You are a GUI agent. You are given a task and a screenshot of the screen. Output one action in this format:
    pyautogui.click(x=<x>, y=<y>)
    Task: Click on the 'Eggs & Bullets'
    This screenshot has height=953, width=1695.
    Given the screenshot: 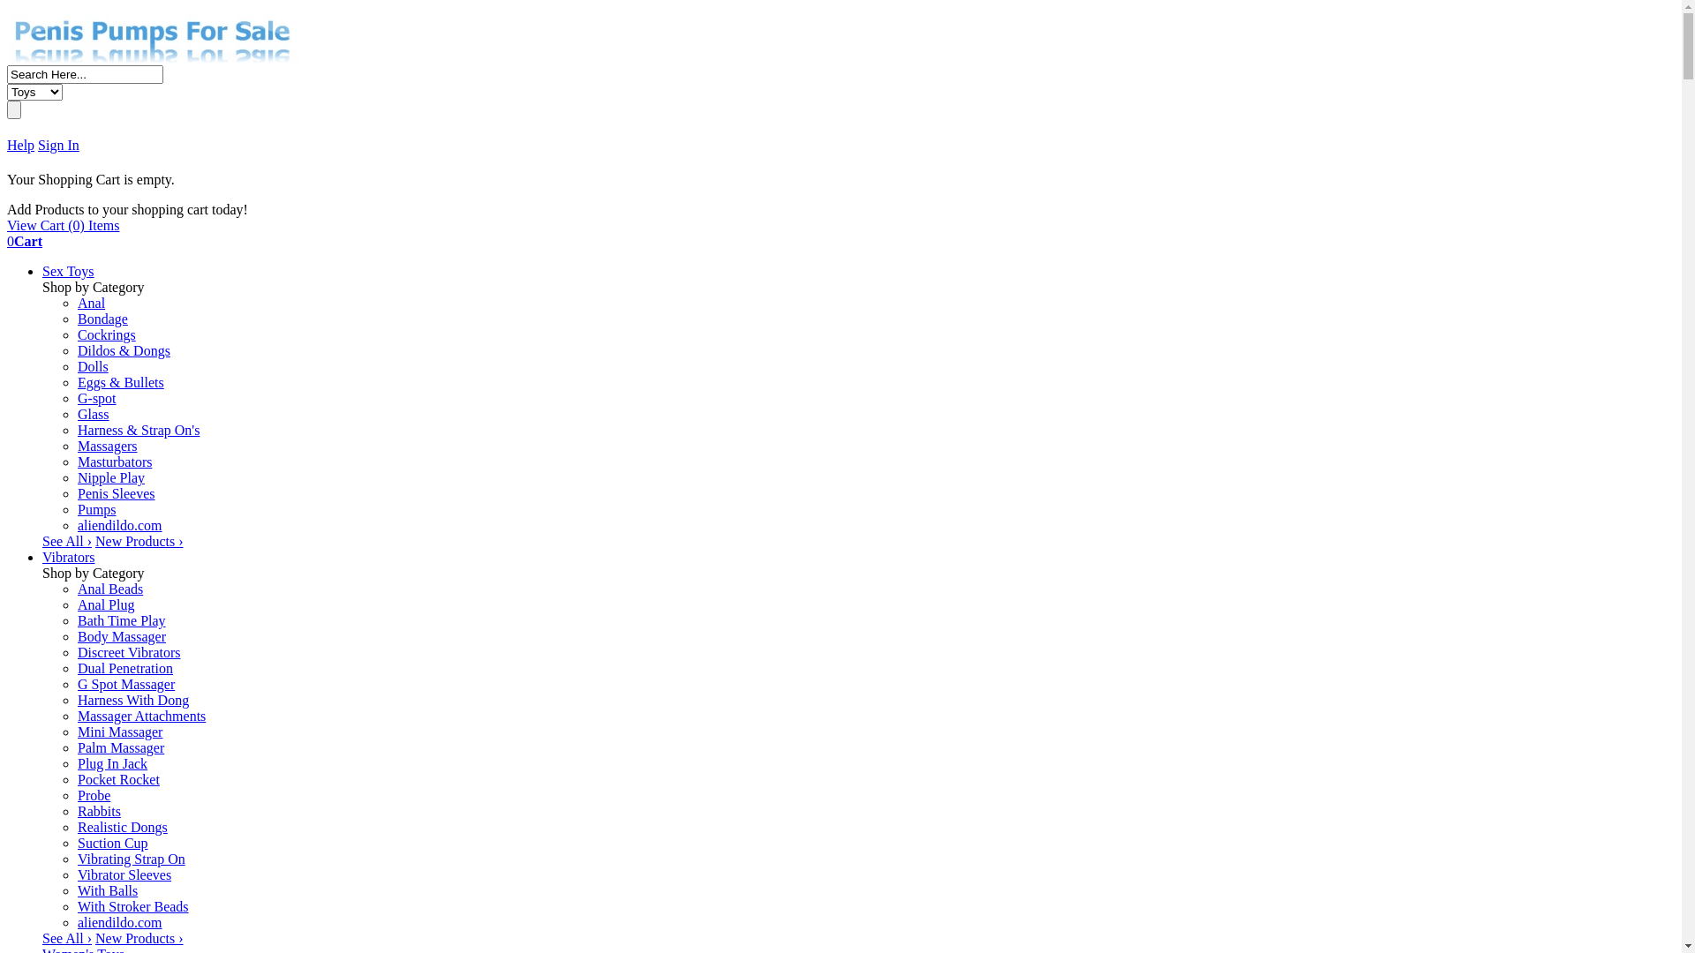 What is the action you would take?
    pyautogui.click(x=120, y=381)
    